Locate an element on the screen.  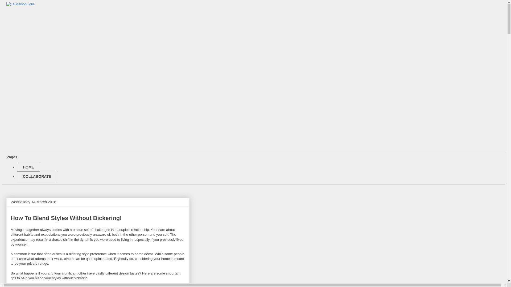
'COLLABORATE' is located at coordinates (37, 176).